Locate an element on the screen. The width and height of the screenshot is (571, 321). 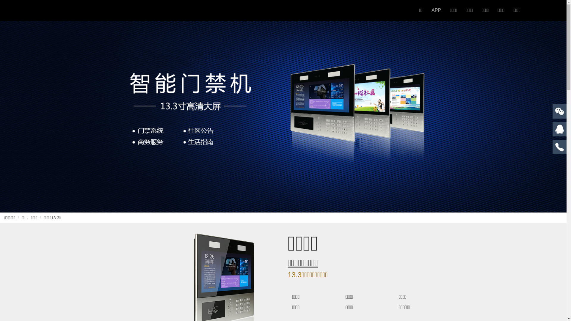
'APP' is located at coordinates (436, 10).